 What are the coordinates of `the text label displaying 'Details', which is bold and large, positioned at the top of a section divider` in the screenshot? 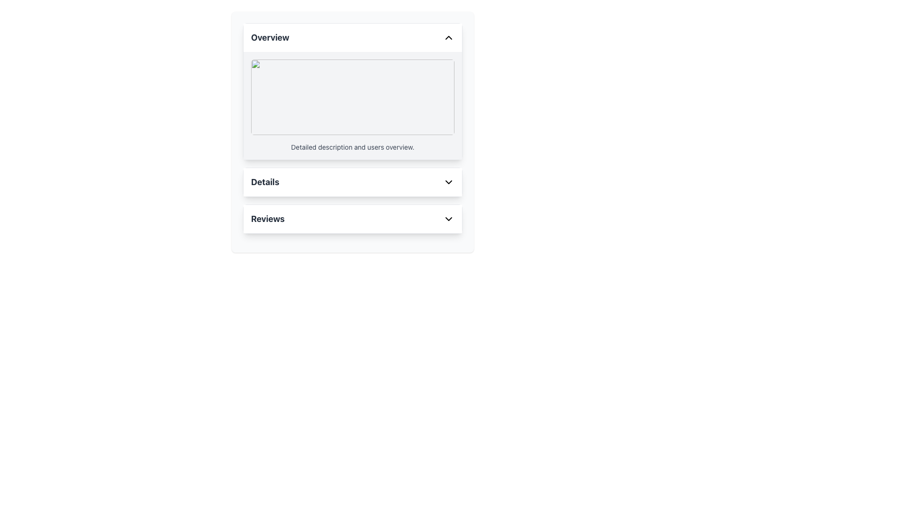 It's located at (265, 182).